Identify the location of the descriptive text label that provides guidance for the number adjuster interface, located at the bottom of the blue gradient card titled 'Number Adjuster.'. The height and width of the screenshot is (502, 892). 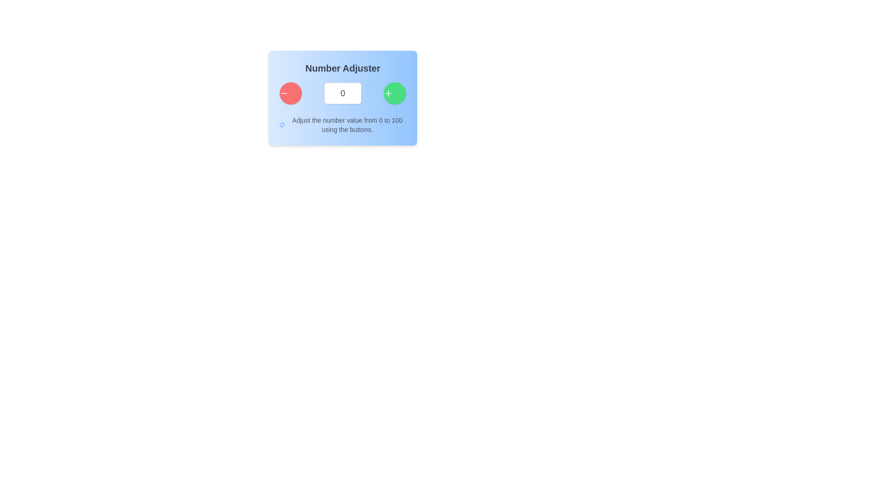
(342, 125).